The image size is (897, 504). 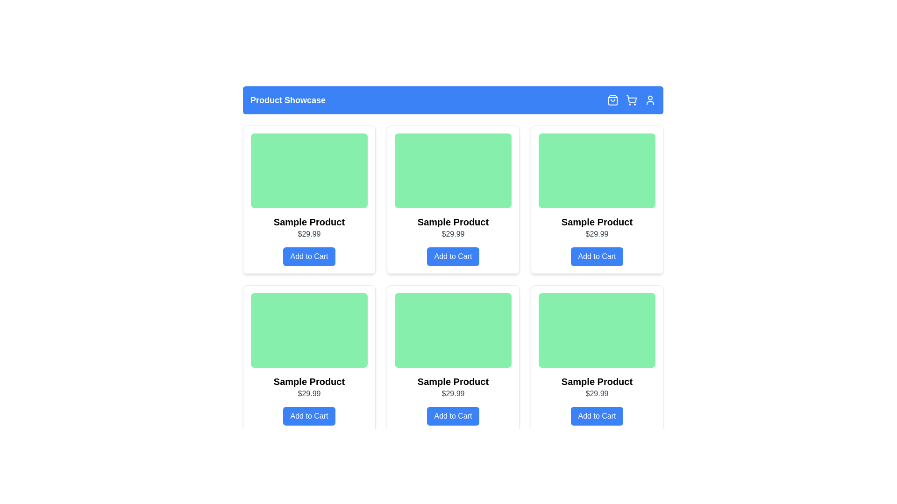 What do you see at coordinates (453, 233) in the screenshot?
I see `the price text label displaying '$29.99' in dark gray, located below the product title 'Sample Product' in the top row of the grid layout` at bounding box center [453, 233].